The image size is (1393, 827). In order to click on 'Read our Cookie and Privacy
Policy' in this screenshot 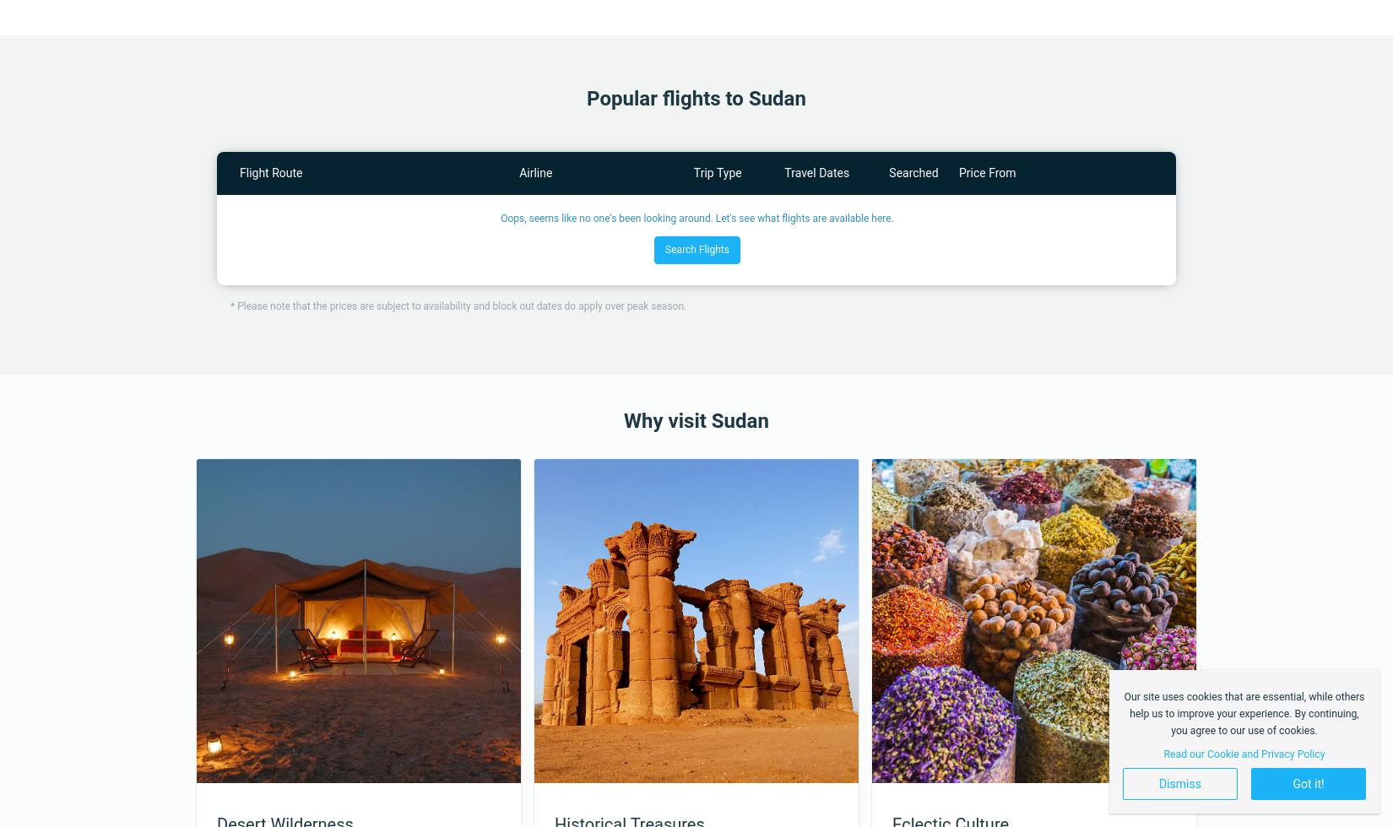, I will do `click(1243, 753)`.